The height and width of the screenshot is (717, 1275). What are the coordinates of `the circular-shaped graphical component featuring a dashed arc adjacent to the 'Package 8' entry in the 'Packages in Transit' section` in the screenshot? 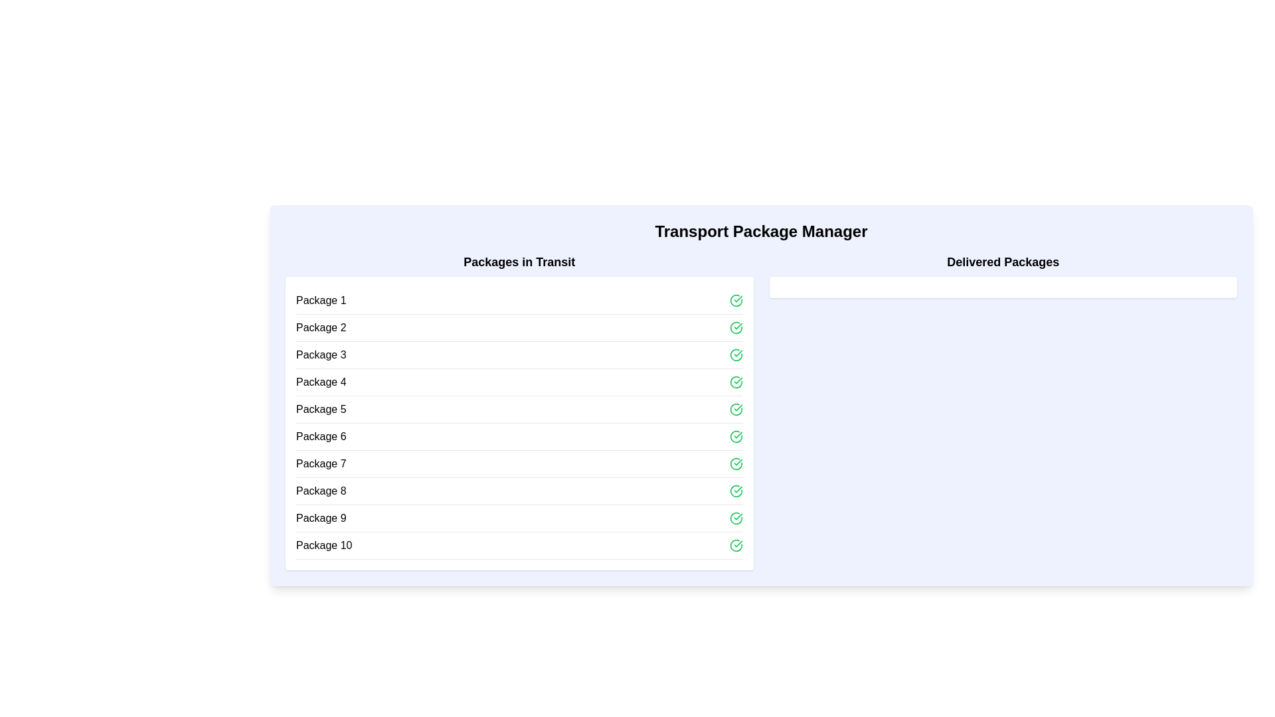 It's located at (735, 437).